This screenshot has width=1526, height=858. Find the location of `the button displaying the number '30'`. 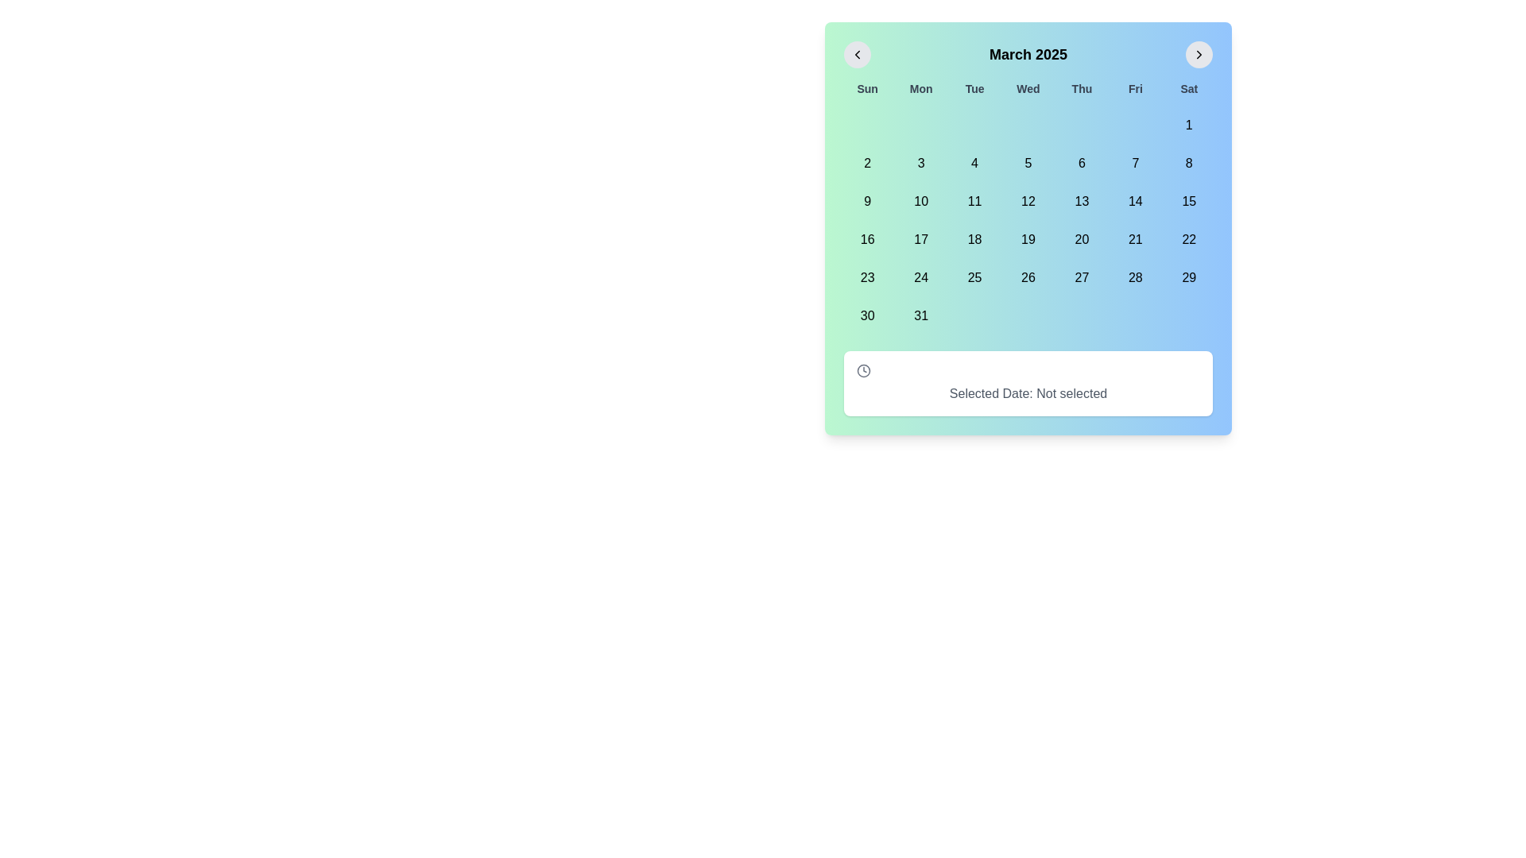

the button displaying the number '30' is located at coordinates (866, 315).